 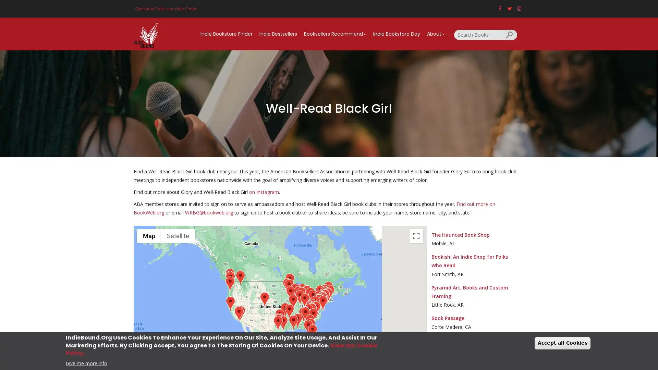 I want to click on Next Page Books, so click(x=290, y=293).